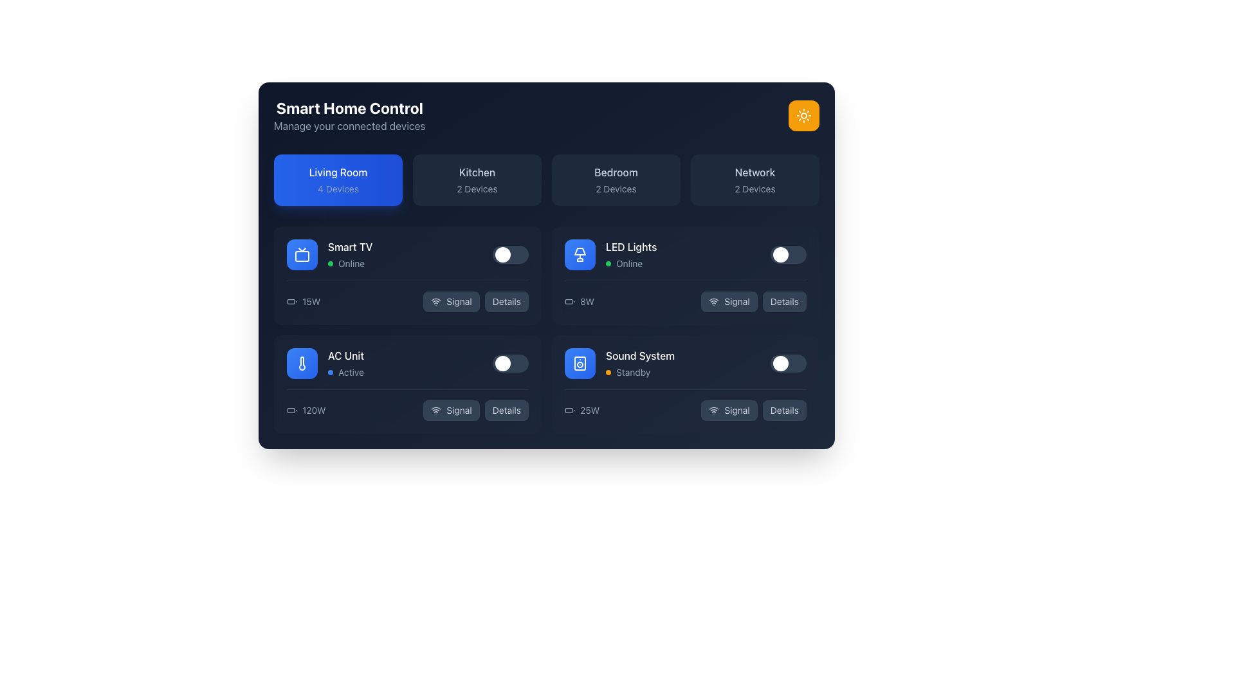 The width and height of the screenshot is (1235, 695). Describe the element at coordinates (580, 255) in the screenshot. I see `the minimalistic lamp icon located within the gradient-blue circular background in the 'LED Lights' card under the 'Living Room' section` at that location.